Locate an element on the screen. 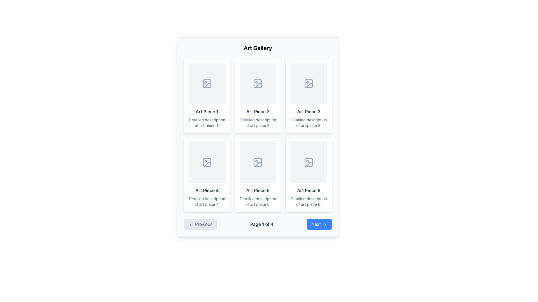 The height and width of the screenshot is (302, 538). the image placeholder for 'Art Piece 3' is located at coordinates (309, 84).